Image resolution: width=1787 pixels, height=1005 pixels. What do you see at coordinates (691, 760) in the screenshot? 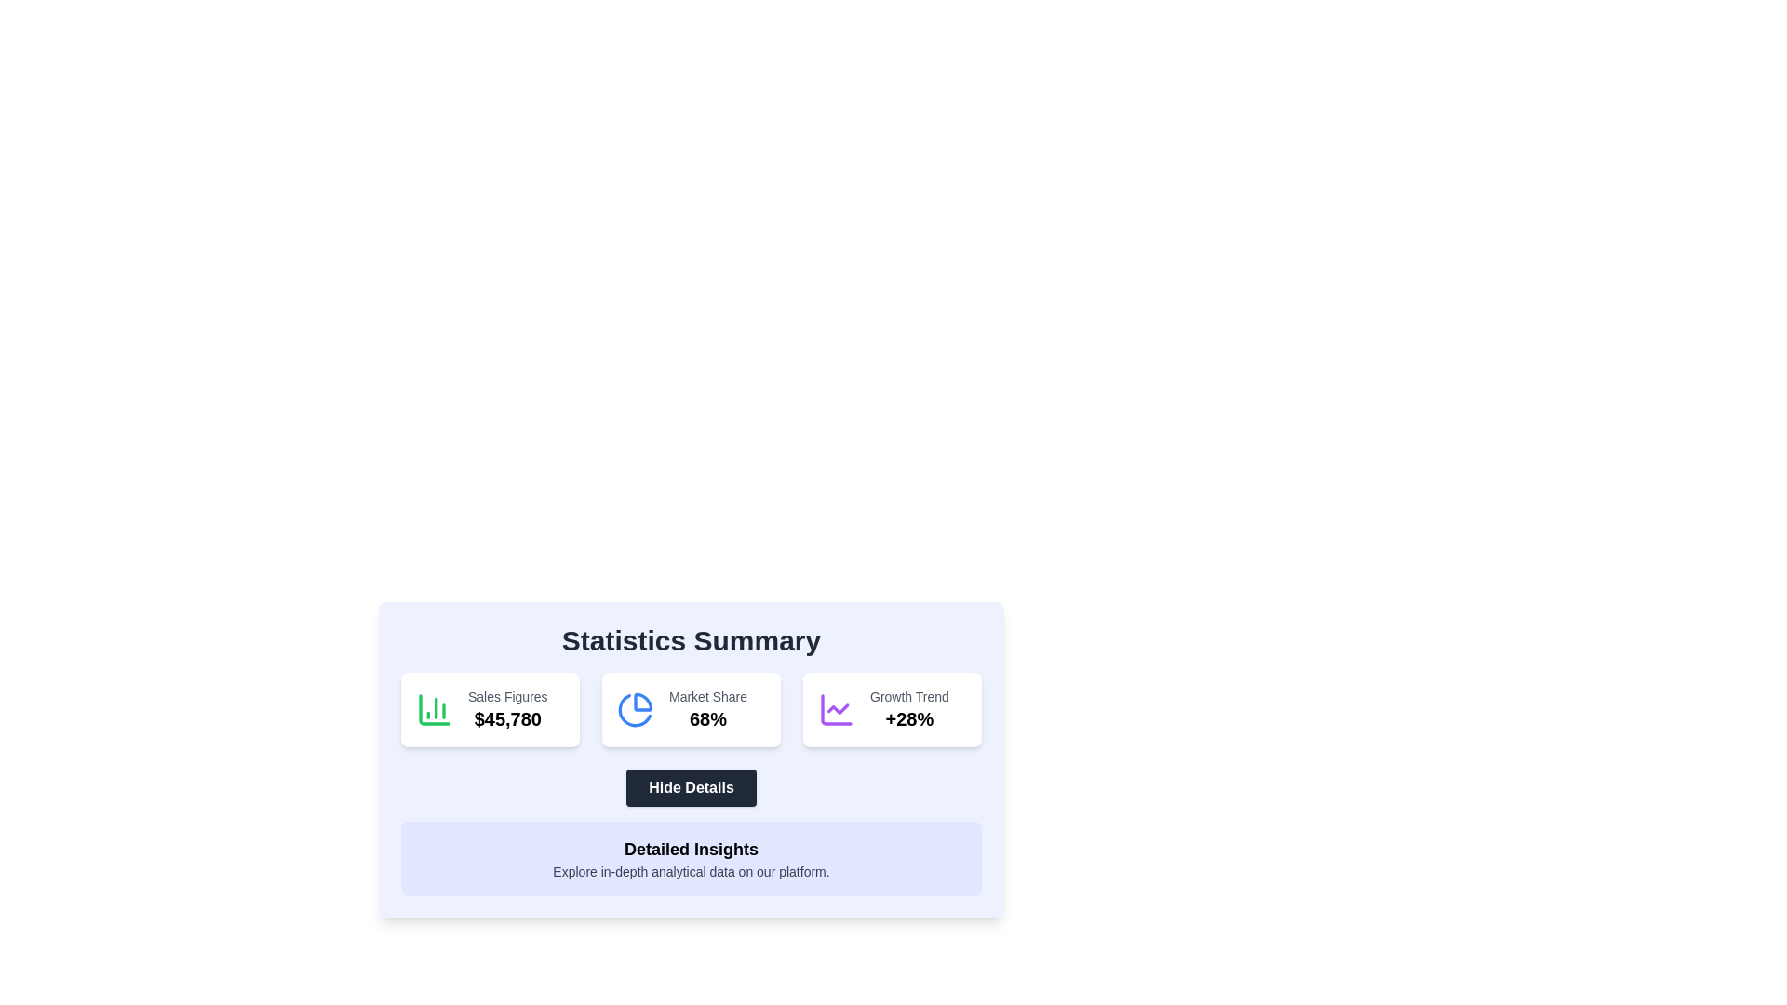
I see `the 'Hide Details' button` at bounding box center [691, 760].